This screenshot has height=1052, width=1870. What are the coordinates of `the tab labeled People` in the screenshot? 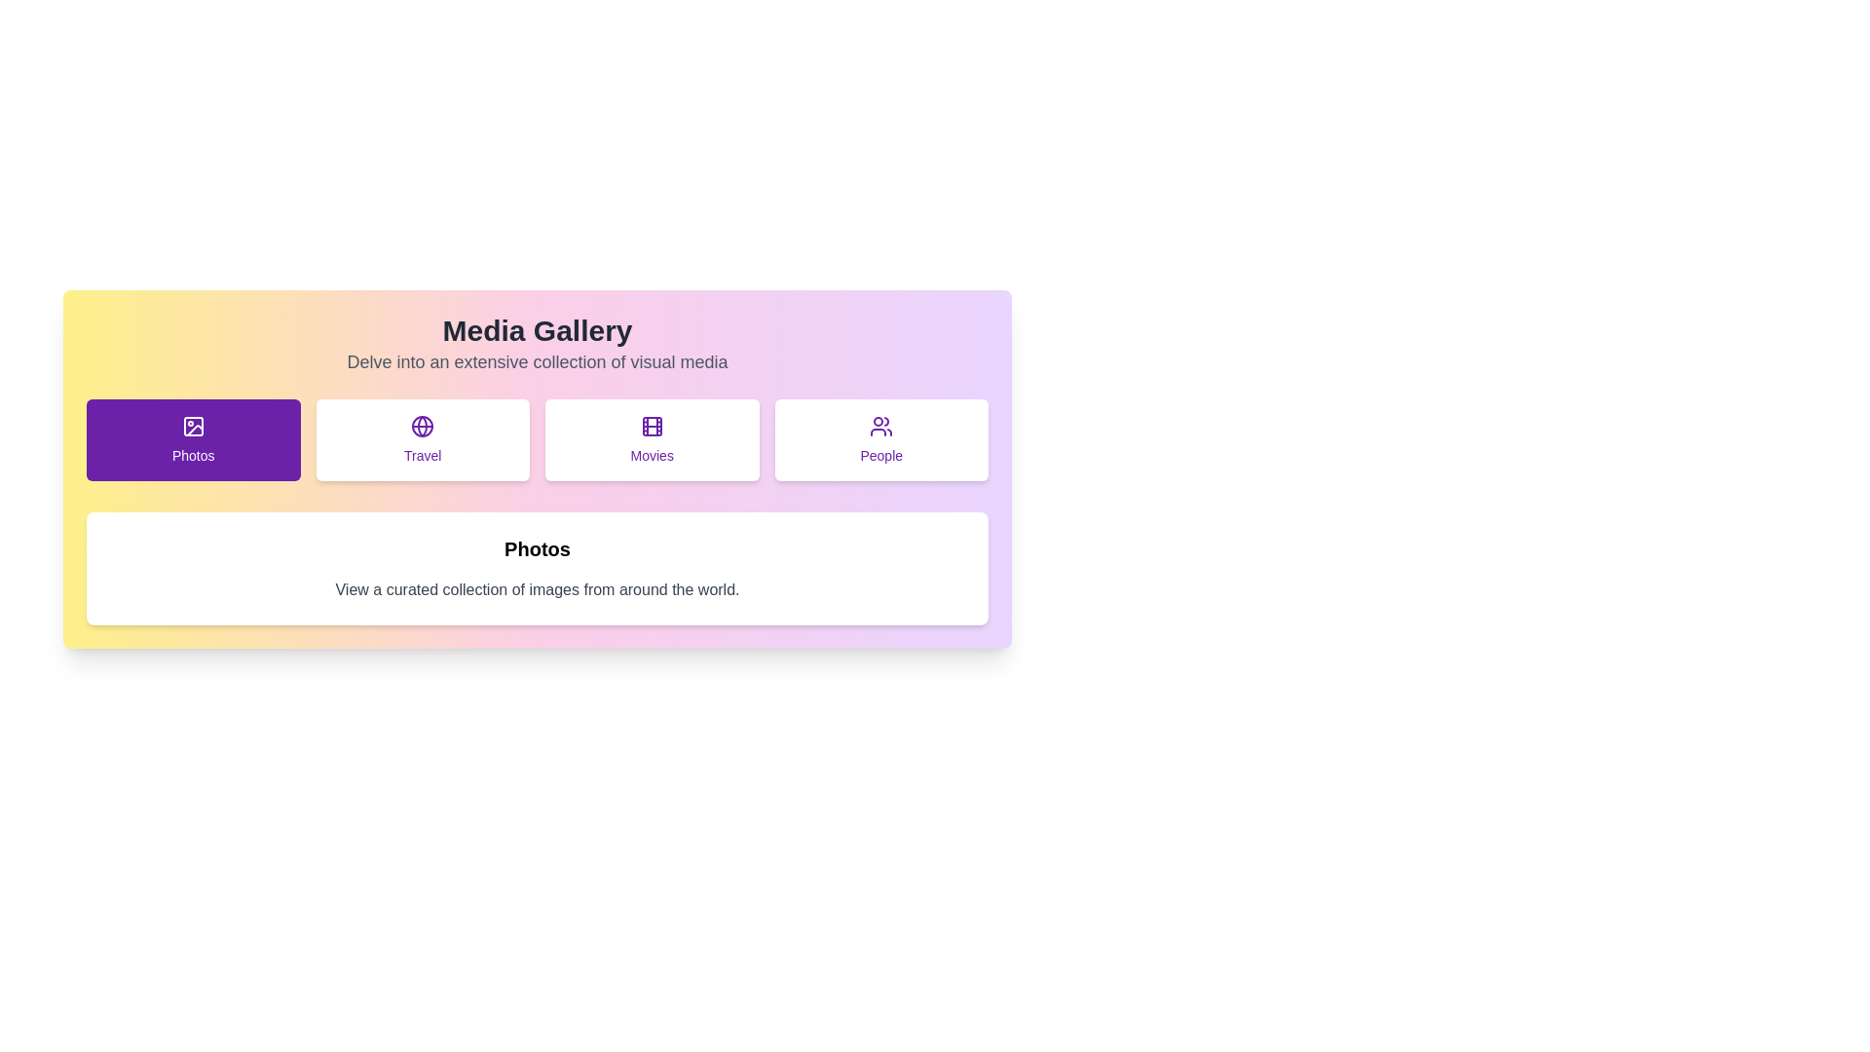 It's located at (880, 439).